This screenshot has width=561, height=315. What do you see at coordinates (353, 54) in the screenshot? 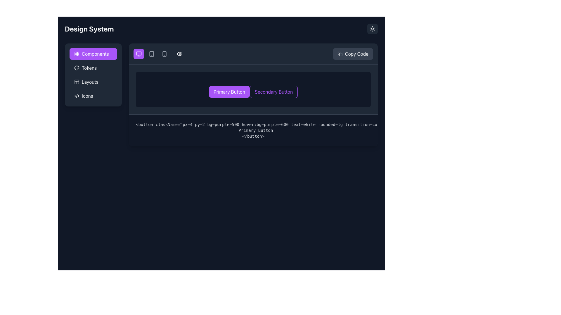
I see `the 'Copy Code' button located in the upper-right corner of the panel` at bounding box center [353, 54].